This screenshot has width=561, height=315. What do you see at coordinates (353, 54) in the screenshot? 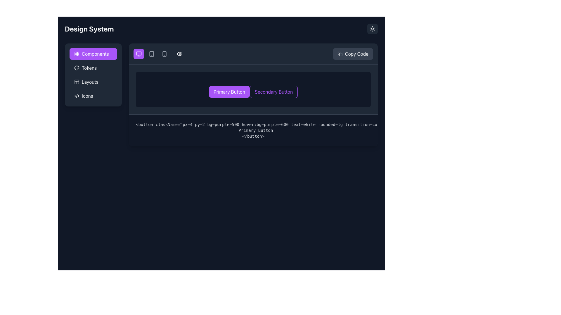
I see `the 'Copy Code' button located in the upper-right corner of the panel` at bounding box center [353, 54].